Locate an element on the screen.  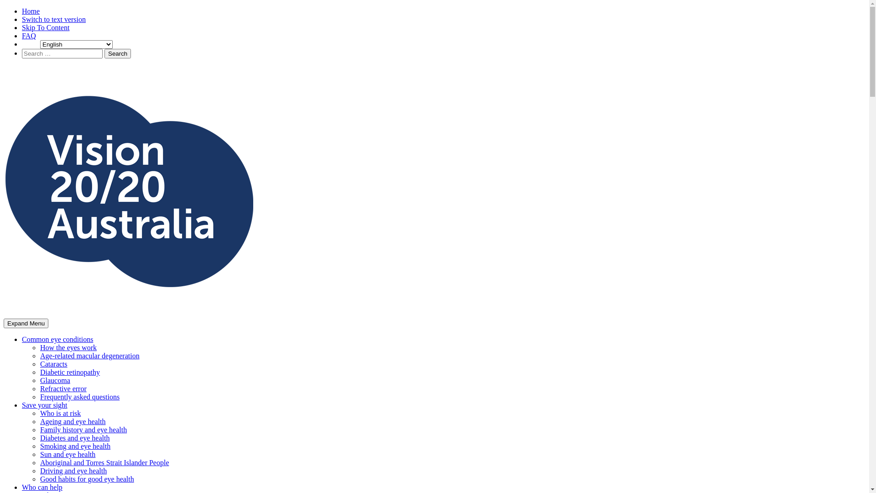
'Aboriginal and Torres Strait Islander People' is located at coordinates (39, 462).